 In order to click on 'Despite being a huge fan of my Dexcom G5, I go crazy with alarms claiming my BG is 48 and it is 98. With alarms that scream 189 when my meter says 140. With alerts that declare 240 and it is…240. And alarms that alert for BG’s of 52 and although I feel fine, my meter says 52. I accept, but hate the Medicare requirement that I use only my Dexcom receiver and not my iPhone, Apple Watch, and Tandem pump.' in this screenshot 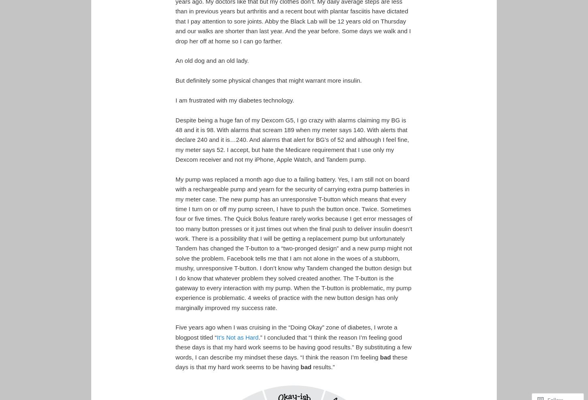, I will do `click(292, 139)`.